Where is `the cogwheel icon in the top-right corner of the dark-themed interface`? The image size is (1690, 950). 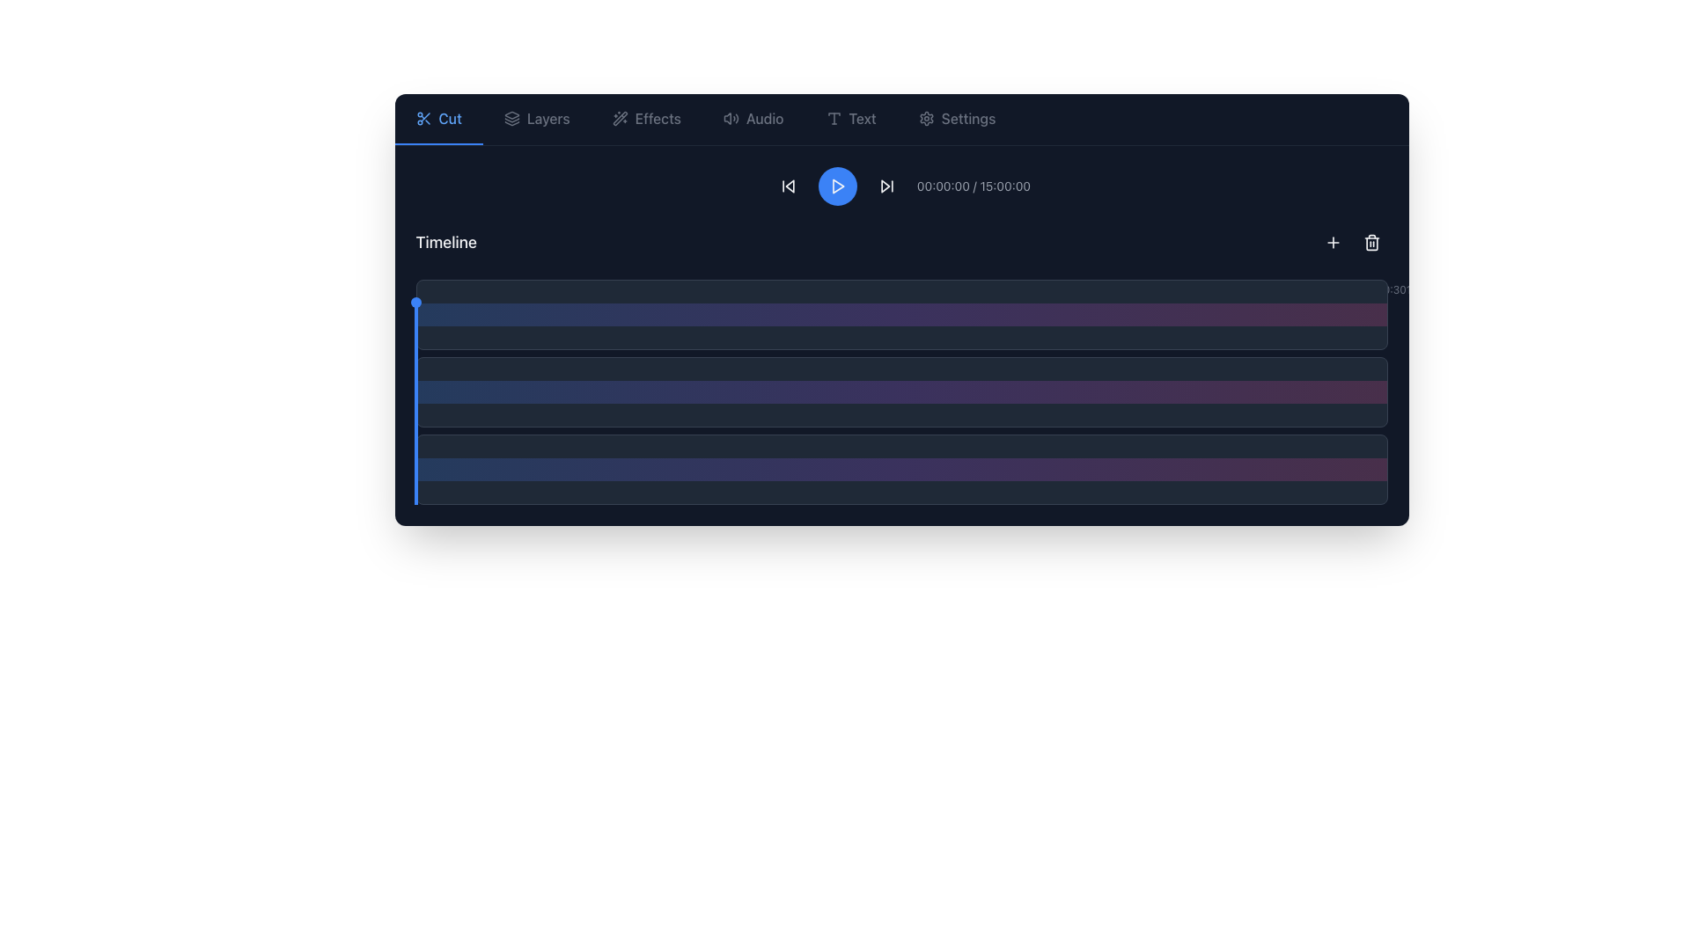 the cogwheel icon in the top-right corner of the dark-themed interface is located at coordinates (925, 119).